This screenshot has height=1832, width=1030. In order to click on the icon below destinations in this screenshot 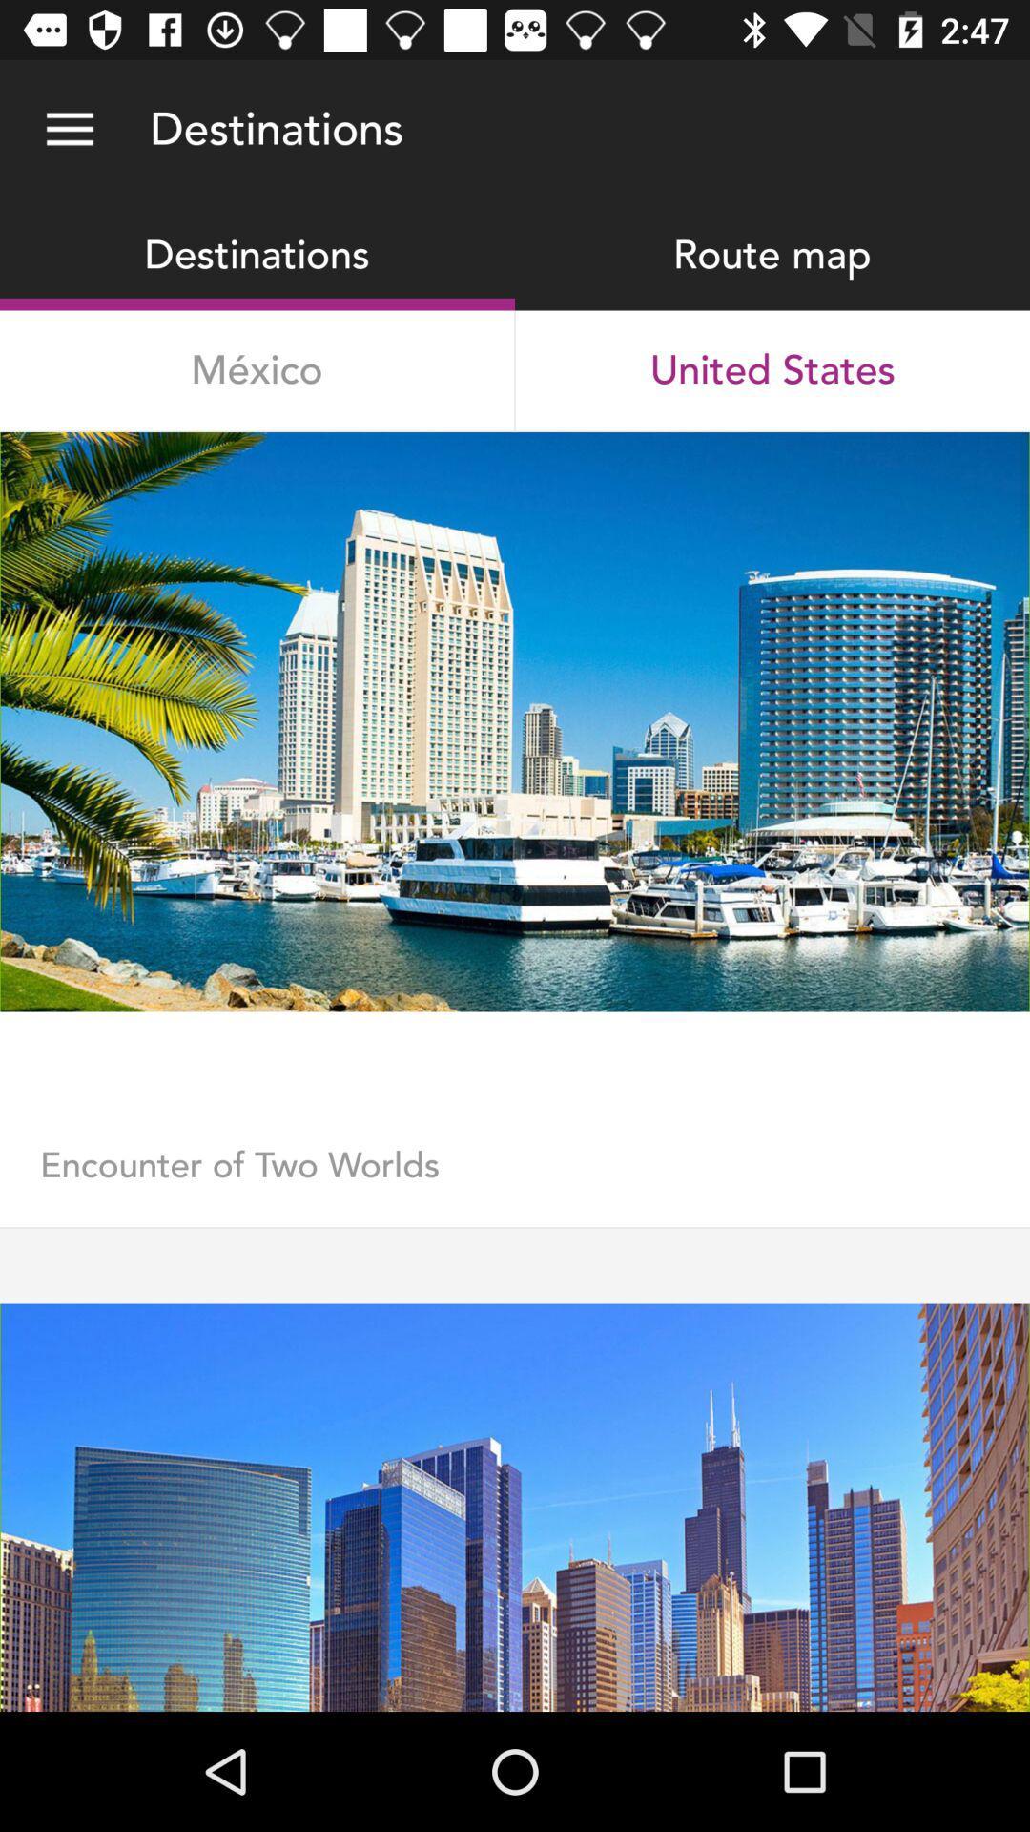, I will do `click(256, 370)`.